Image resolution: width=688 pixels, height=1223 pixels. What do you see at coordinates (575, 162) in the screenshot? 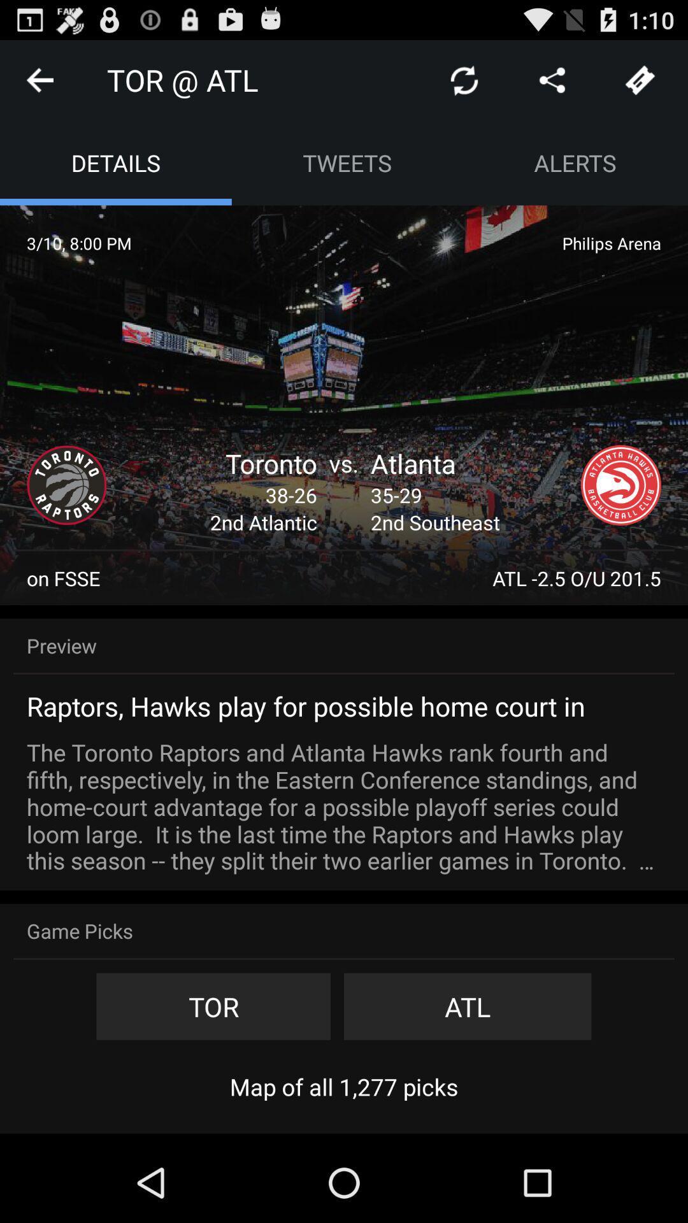
I see `alerts item` at bounding box center [575, 162].